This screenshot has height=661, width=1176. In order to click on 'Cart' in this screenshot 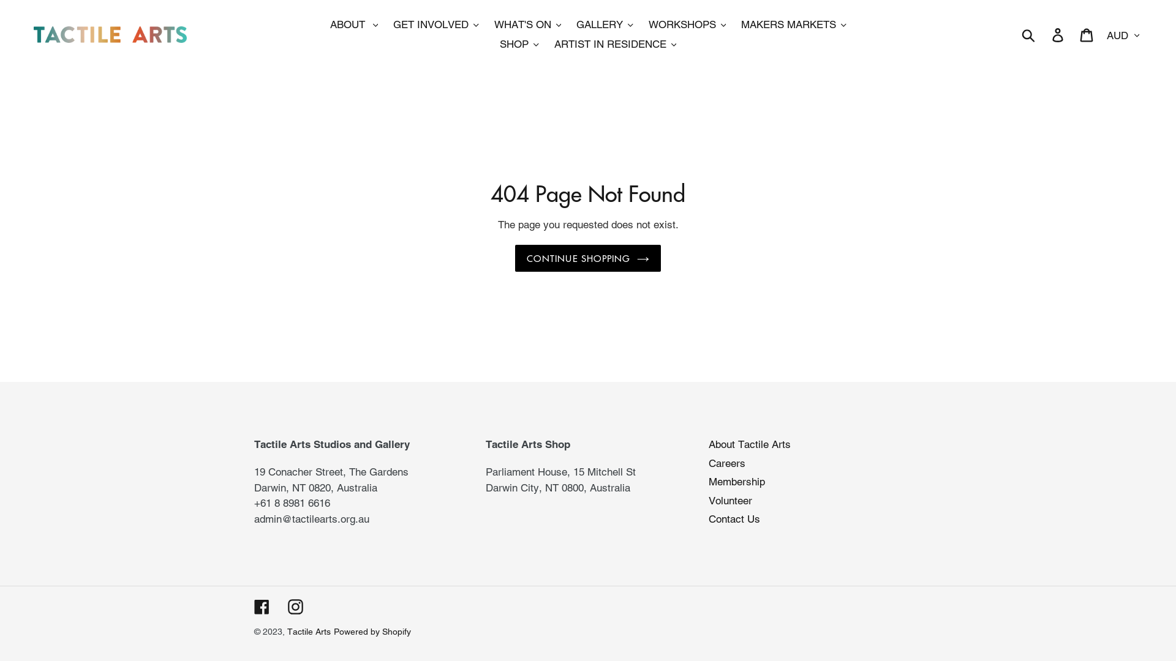, I will do `click(1087, 34)`.